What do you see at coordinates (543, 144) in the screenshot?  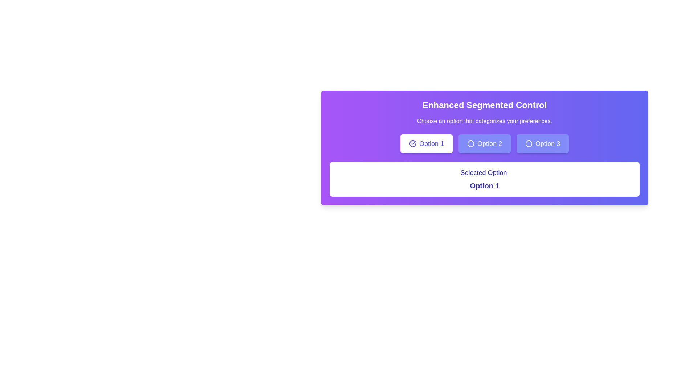 I see `the third button labeled 'Option 3' with a circular icon` at bounding box center [543, 144].